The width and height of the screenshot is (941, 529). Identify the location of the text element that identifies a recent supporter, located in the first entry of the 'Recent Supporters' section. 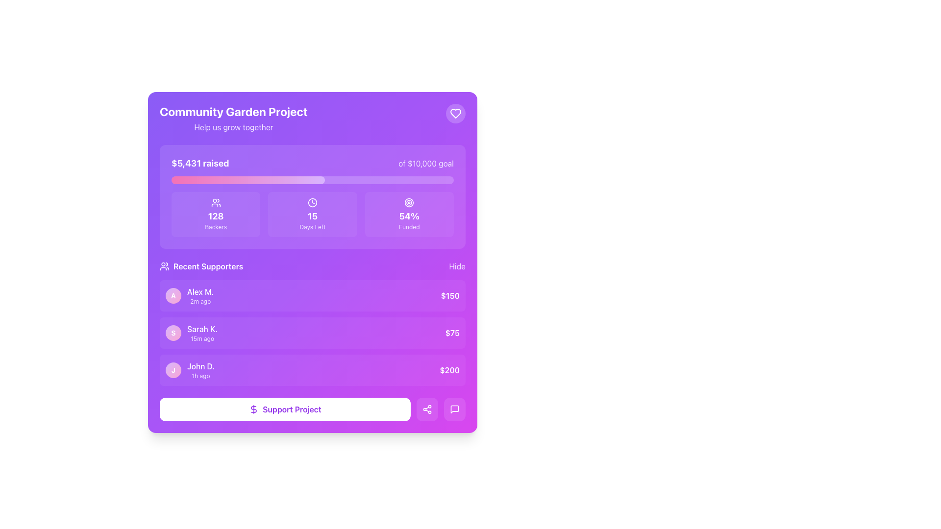
(200, 295).